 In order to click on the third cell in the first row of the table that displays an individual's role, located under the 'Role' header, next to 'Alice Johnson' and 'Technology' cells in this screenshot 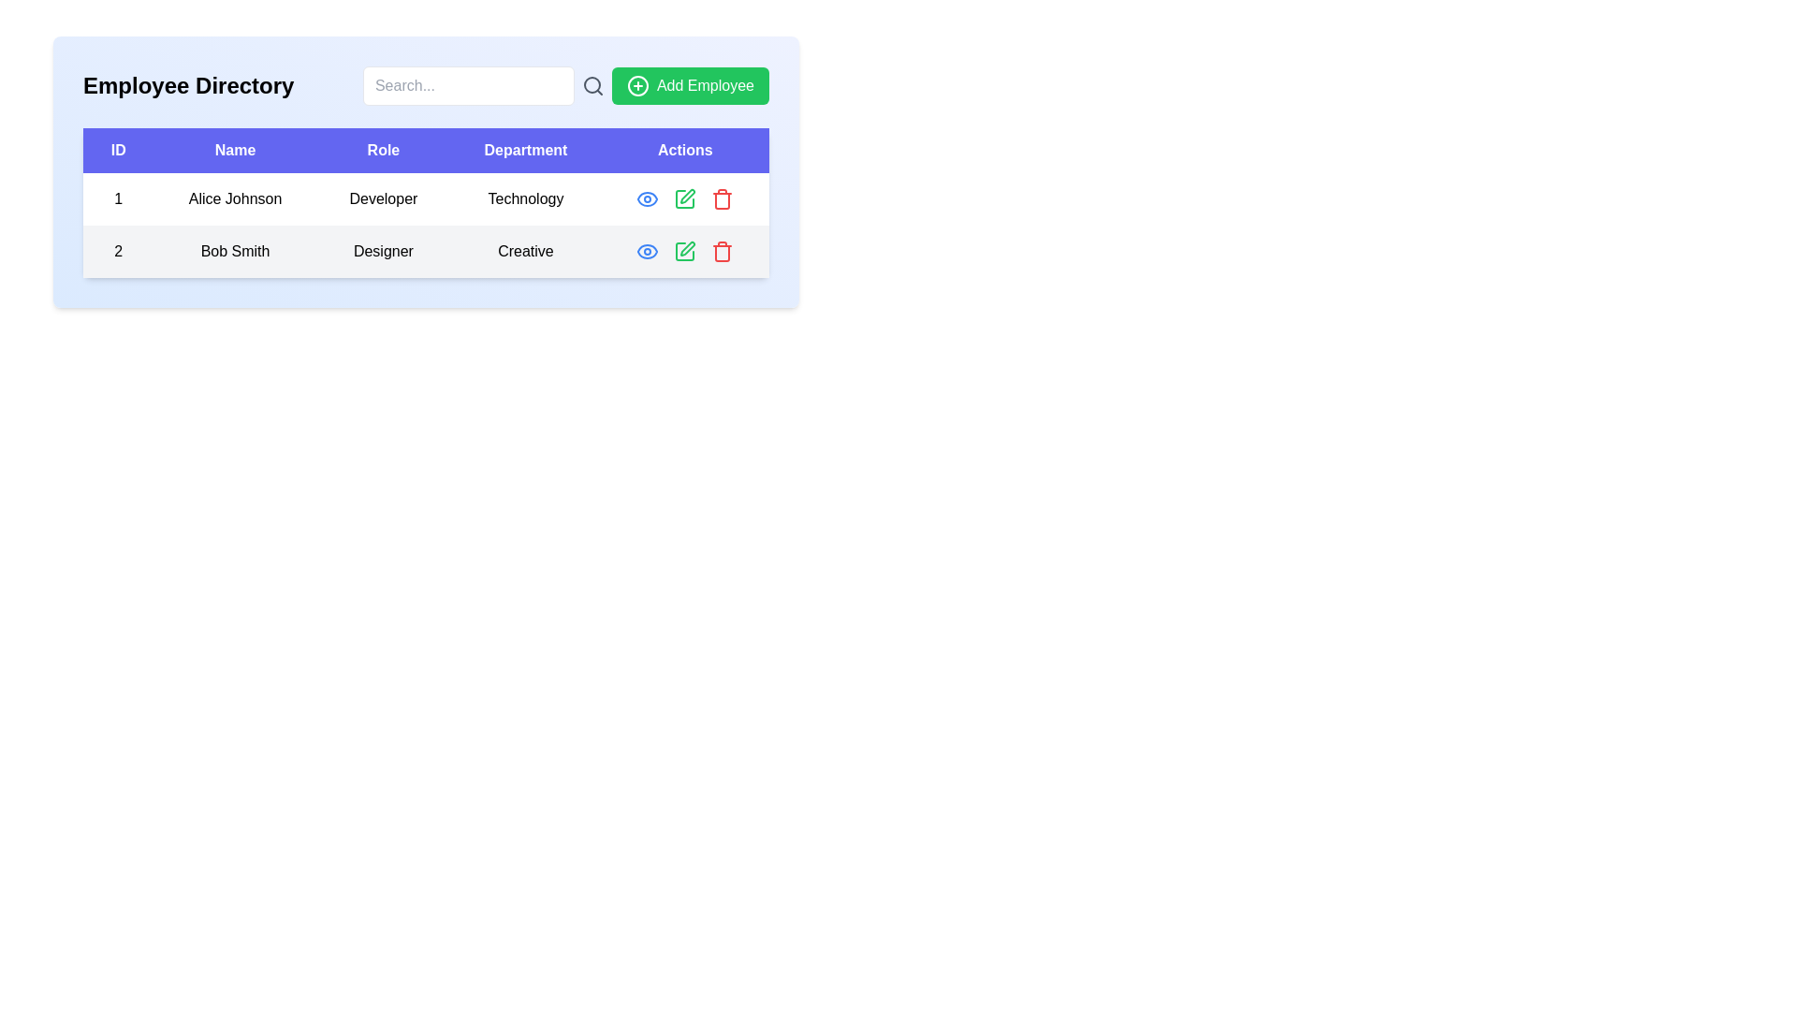, I will do `click(382, 198)`.